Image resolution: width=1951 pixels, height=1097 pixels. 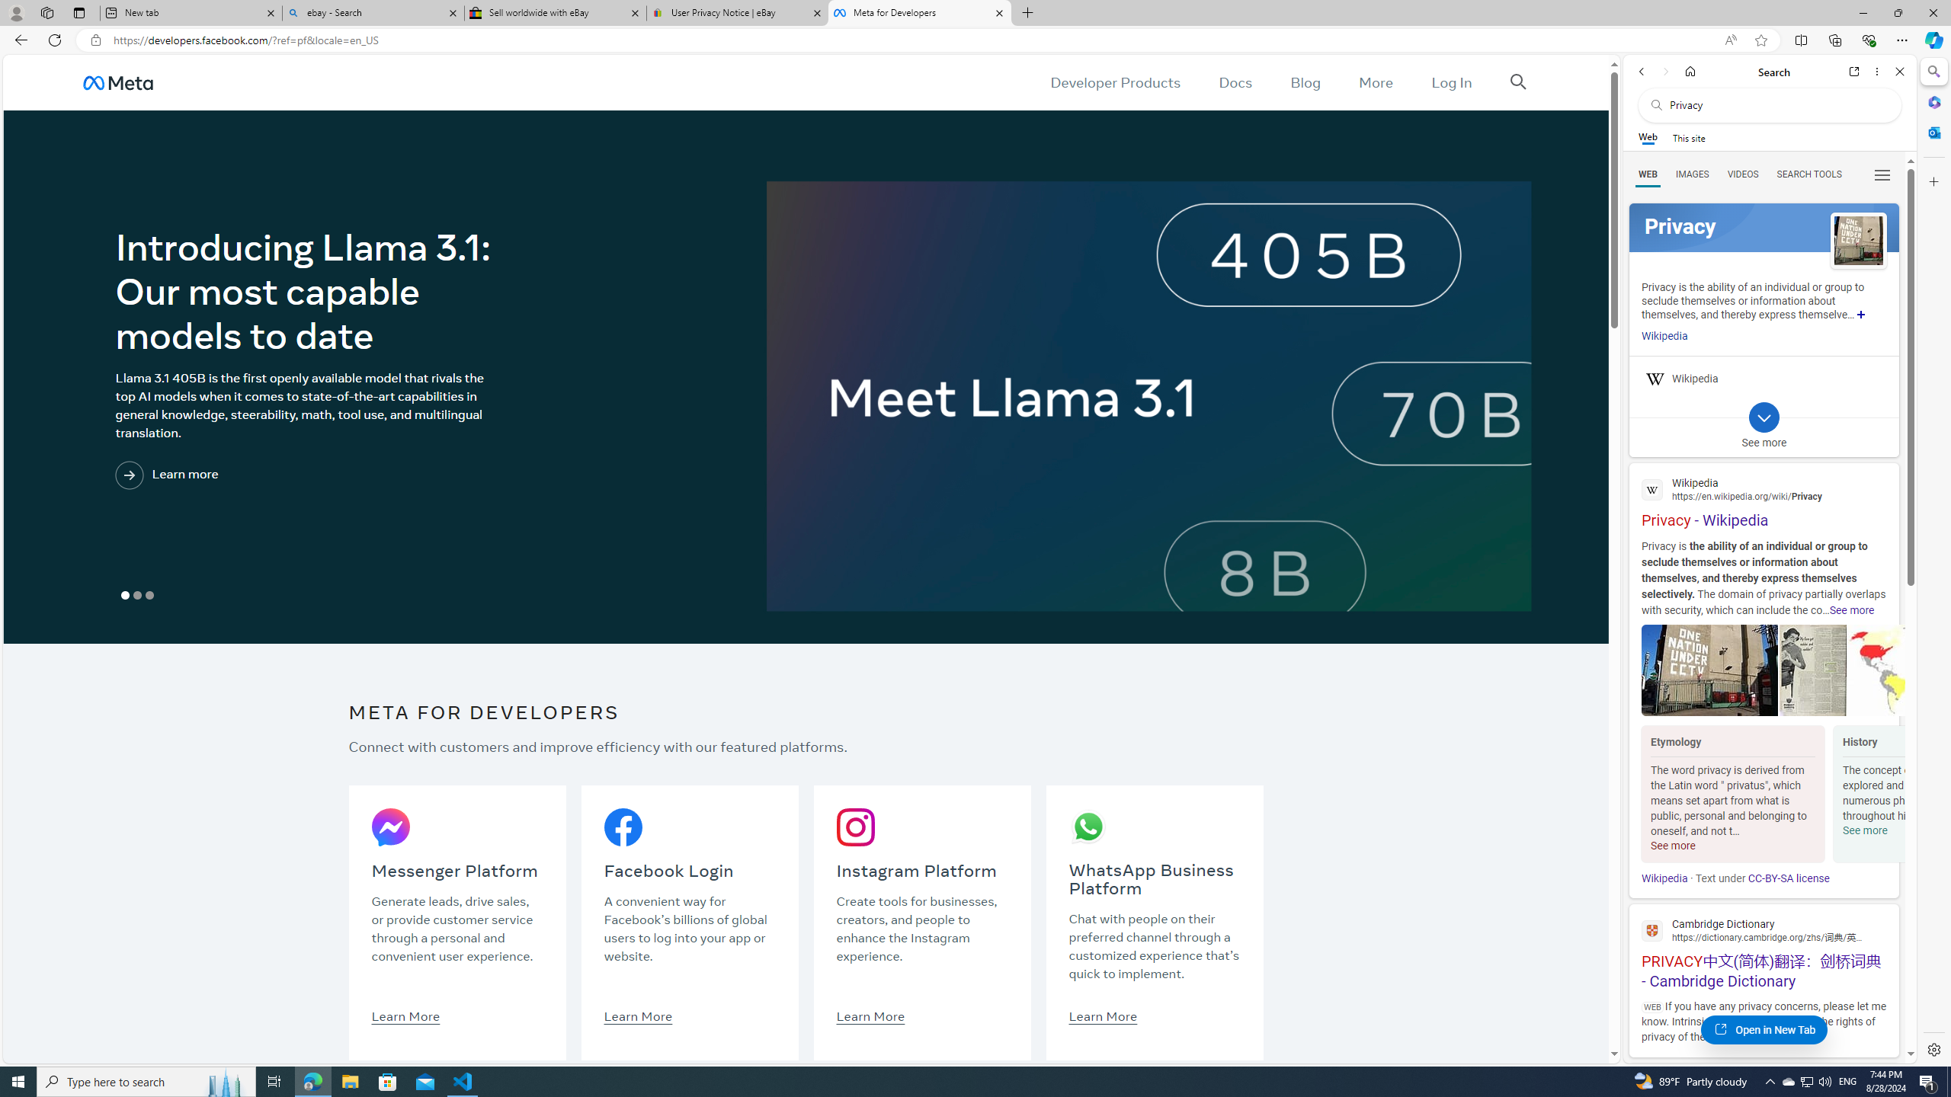 I want to click on 'Search Filter, WEB', so click(x=1648, y=173).